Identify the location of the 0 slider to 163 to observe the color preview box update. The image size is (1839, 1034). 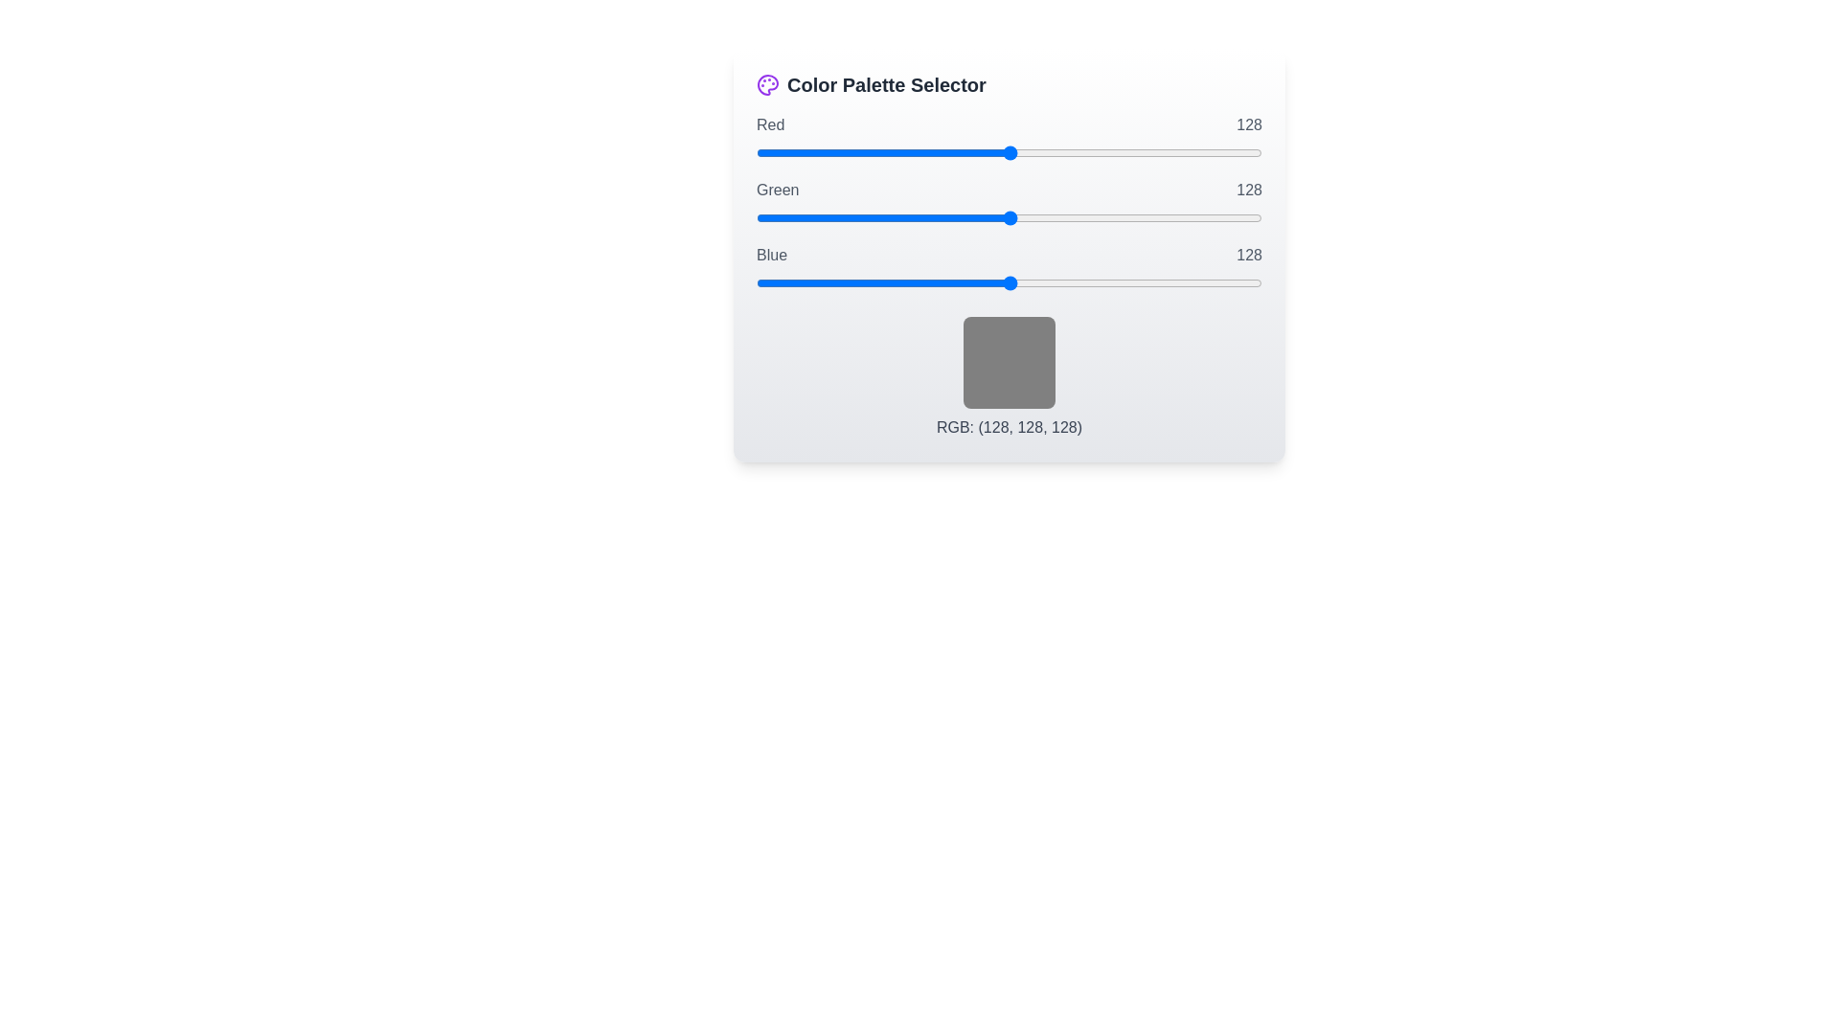
(1009, 151).